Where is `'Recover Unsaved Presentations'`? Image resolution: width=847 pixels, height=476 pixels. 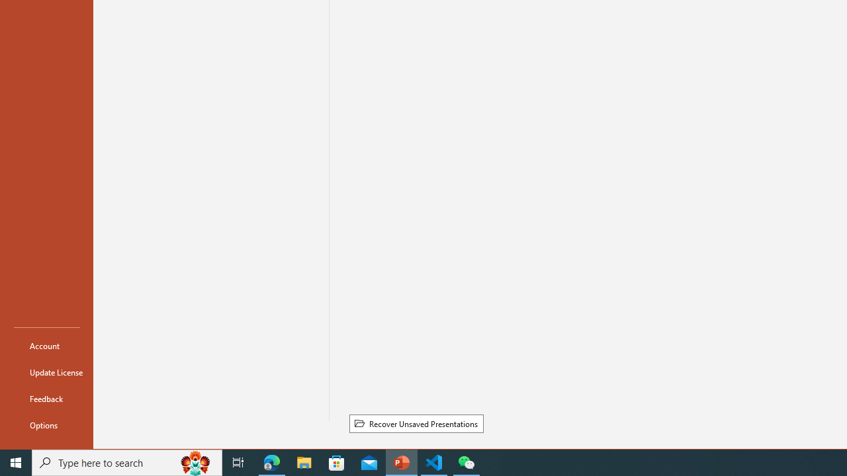
'Recover Unsaved Presentations' is located at coordinates (416, 424).